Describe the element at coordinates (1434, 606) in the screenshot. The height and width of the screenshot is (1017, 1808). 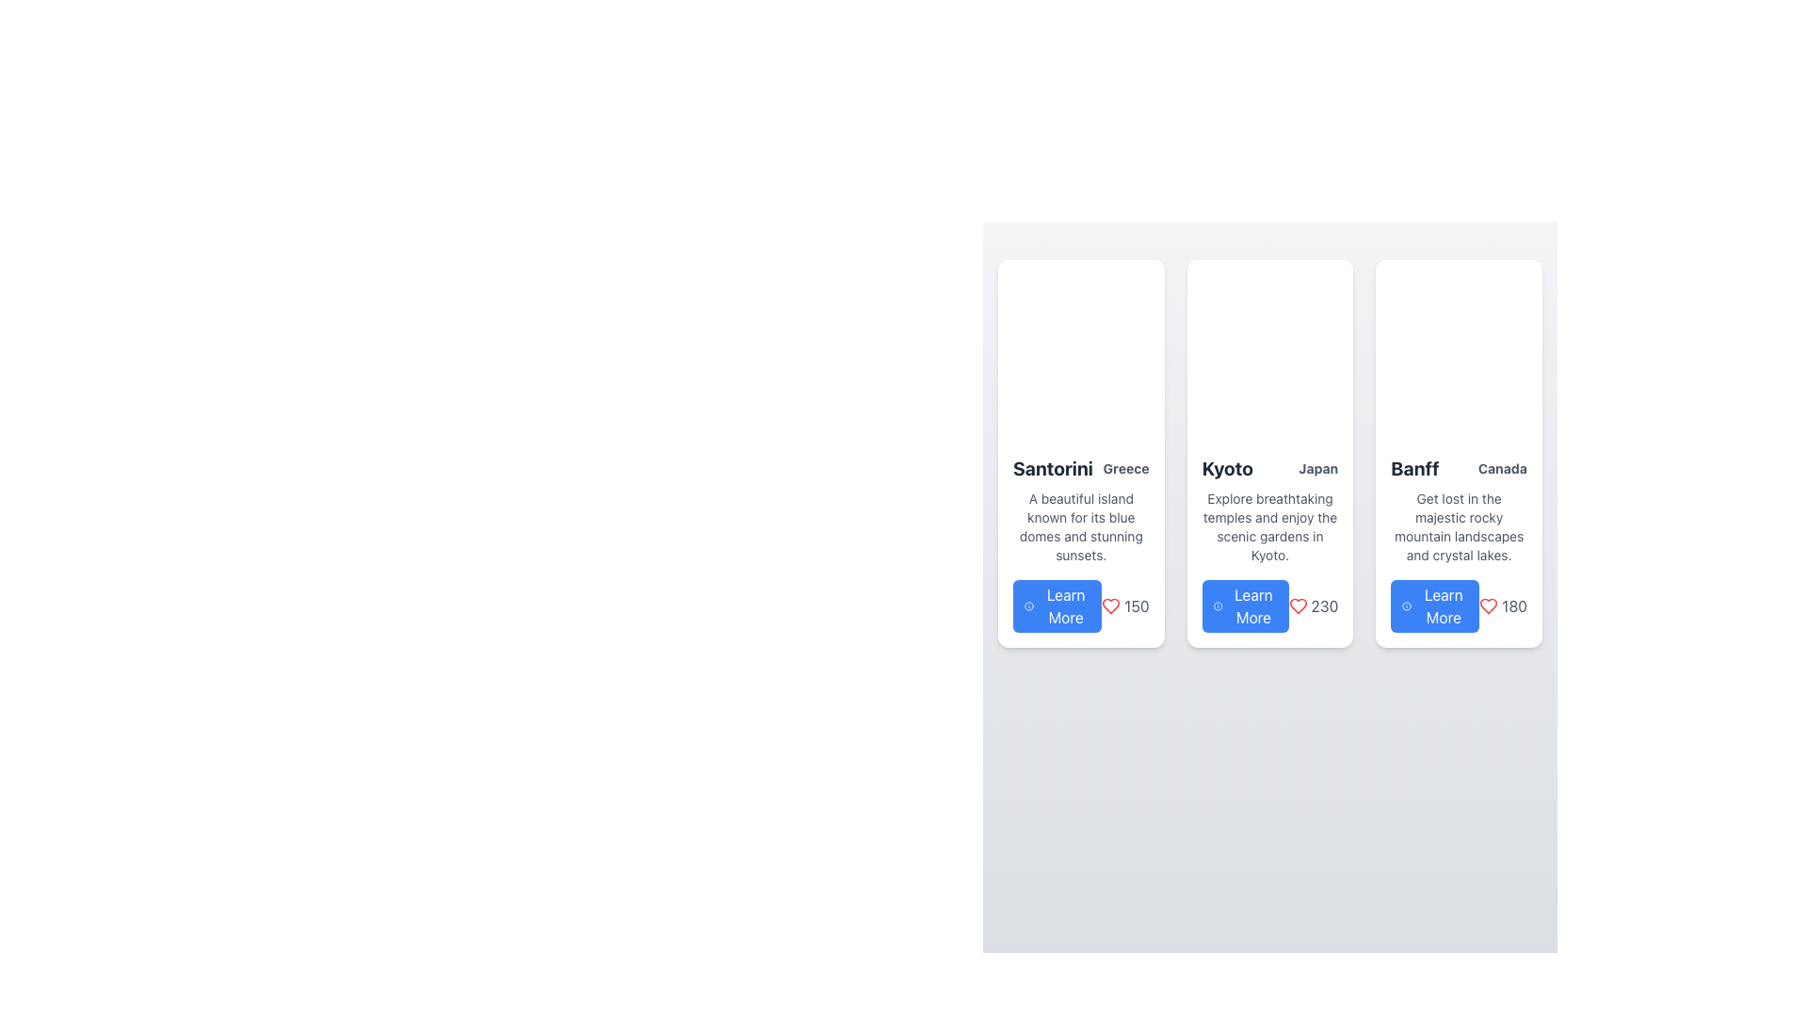
I see `the interactive button that triggers more information about the 'Banff' category, located at the bottom of the third card in a four-card layout` at that location.